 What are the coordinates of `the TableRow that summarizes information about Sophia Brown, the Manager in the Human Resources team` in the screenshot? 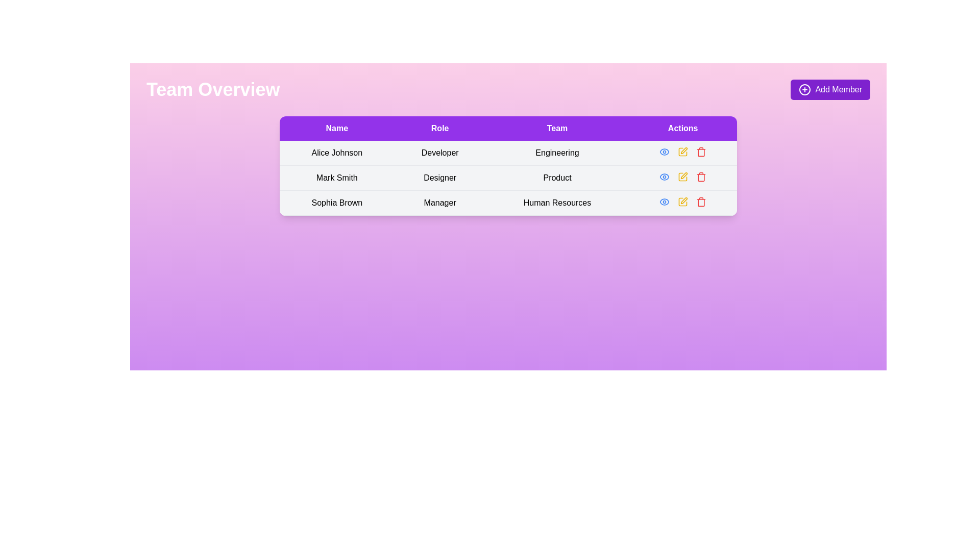 It's located at (508, 203).